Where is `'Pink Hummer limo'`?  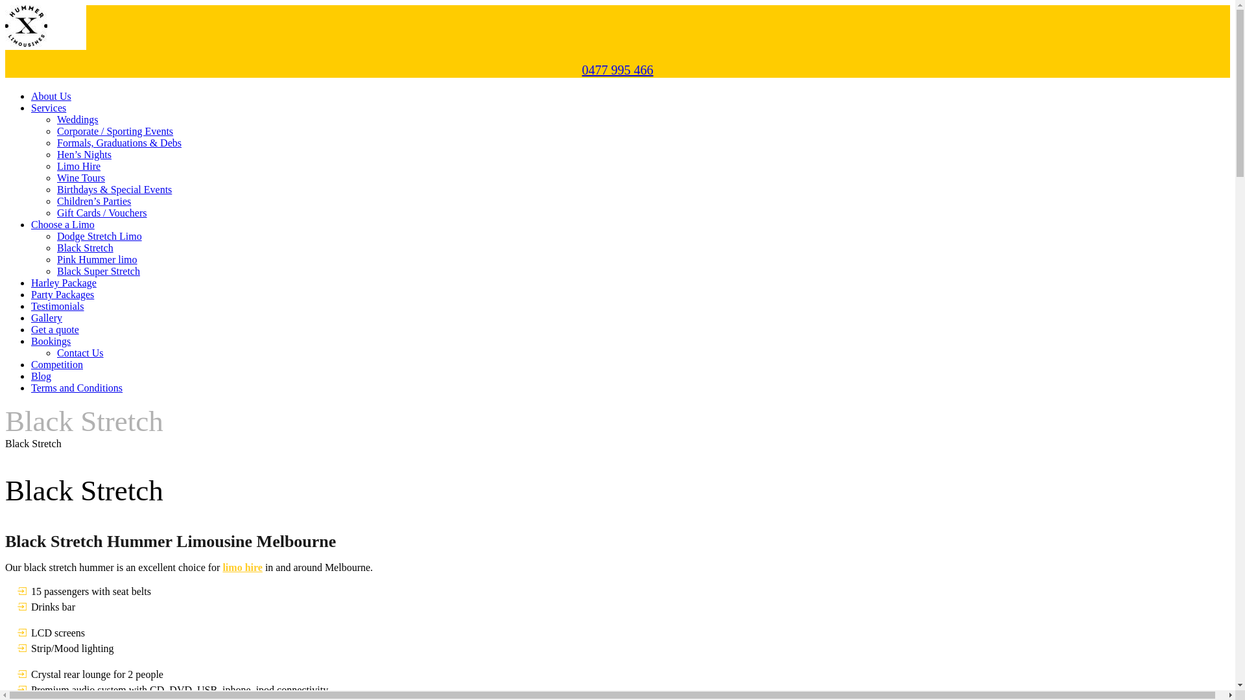
'Pink Hummer limo' is located at coordinates (56, 259).